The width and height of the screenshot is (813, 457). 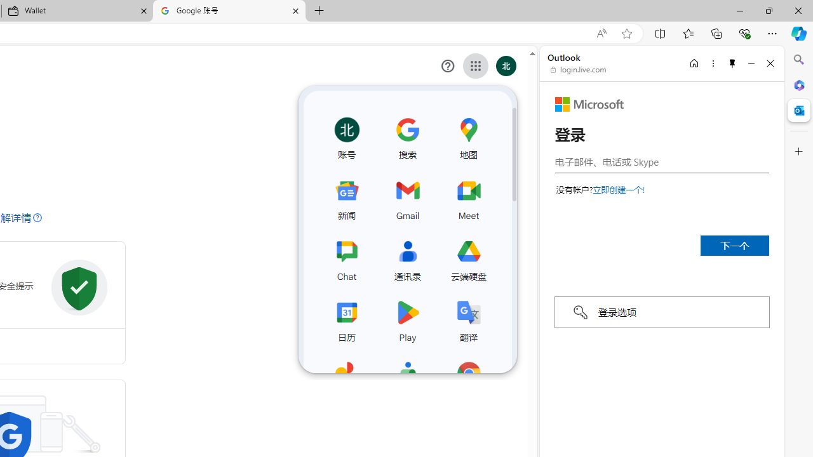 I want to click on 'Unpin side pane', so click(x=732, y=63).